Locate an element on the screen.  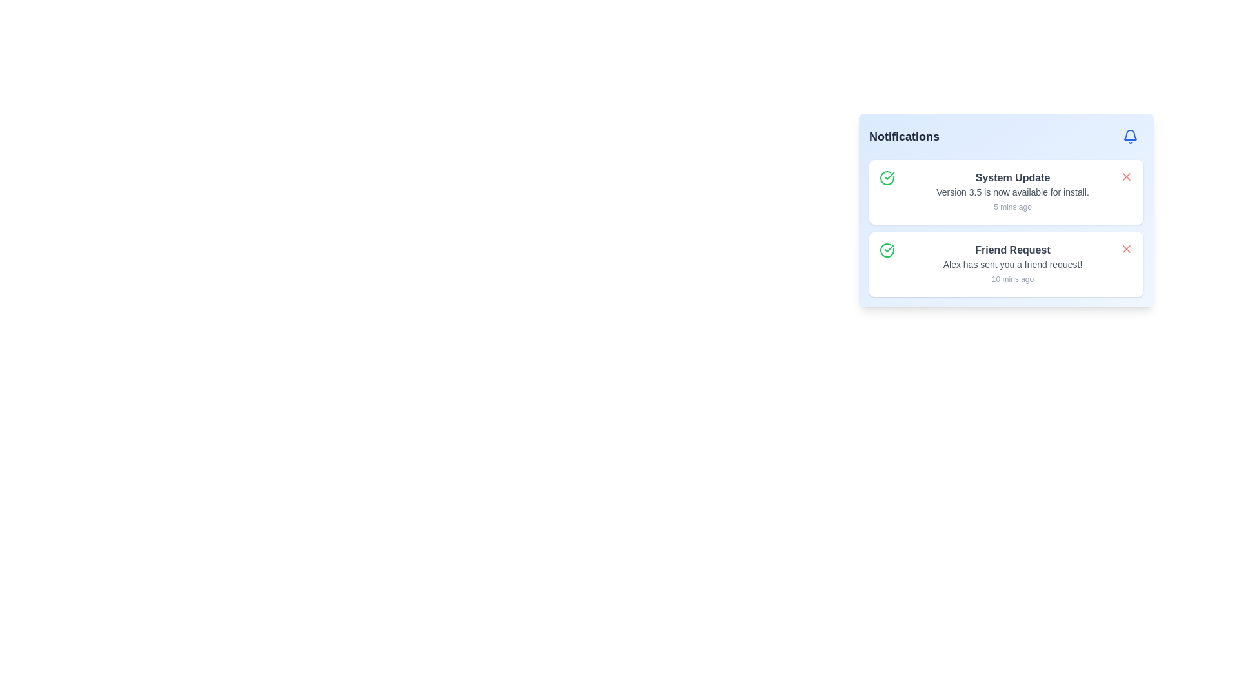
the text notification message that says 'Alex has sent you a friend request!' which is located in the second notification card of the notification panel is located at coordinates (1012, 263).